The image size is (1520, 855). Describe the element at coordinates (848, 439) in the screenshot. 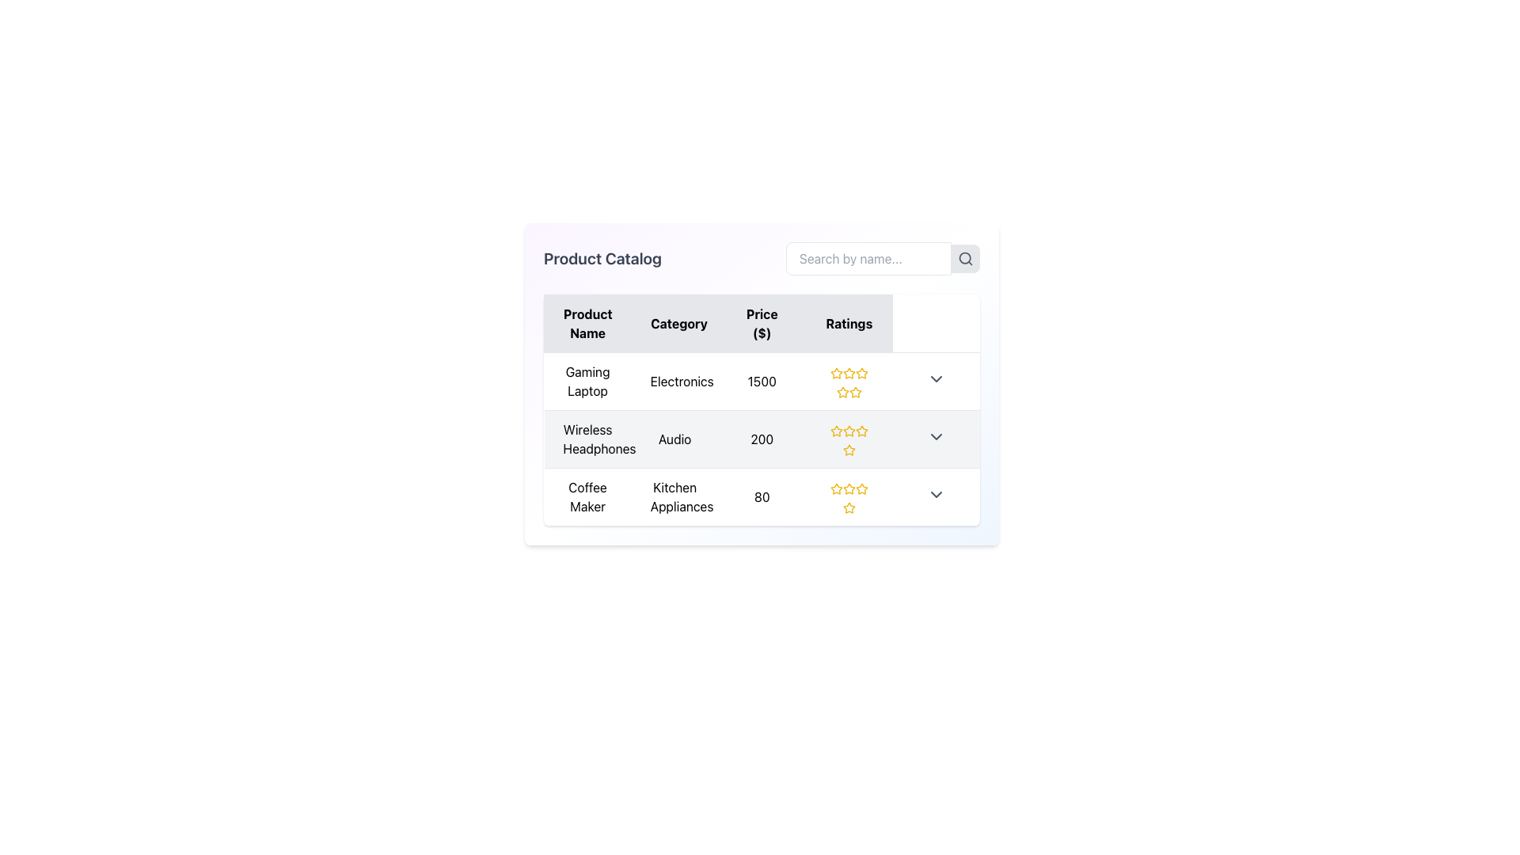

I see `the star rating indicator in the ratings column of the 'Wireless Headphones' row` at that location.